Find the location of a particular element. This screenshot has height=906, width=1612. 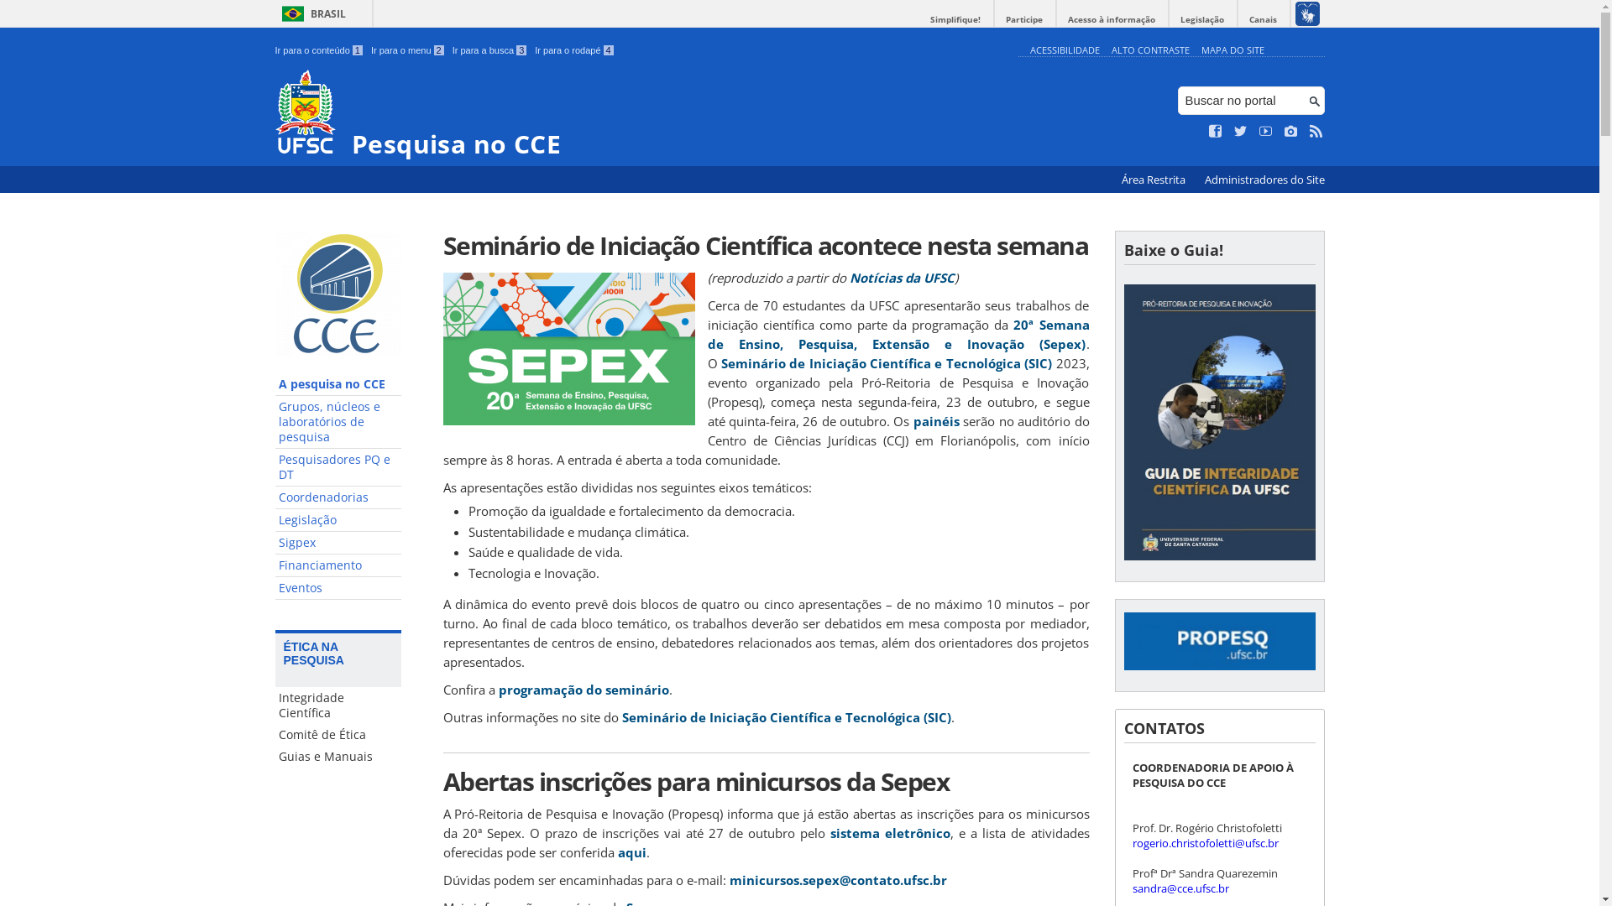

'Ir para a busca 3' is located at coordinates (489, 49).